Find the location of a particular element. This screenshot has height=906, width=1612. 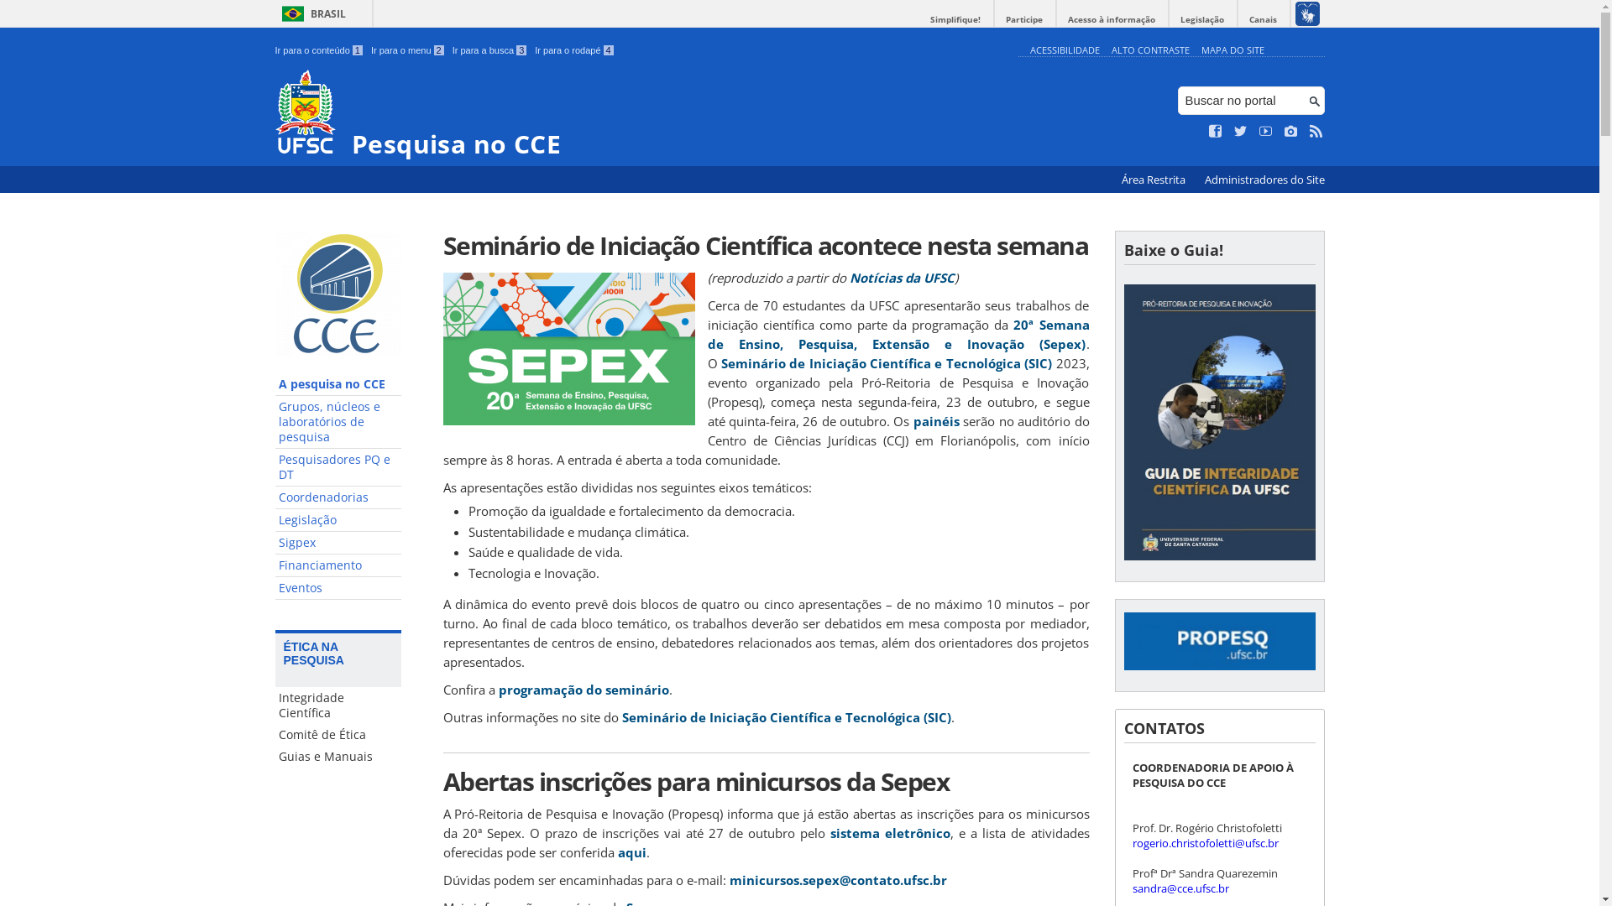

'Ir para a busca 3' is located at coordinates (489, 49).